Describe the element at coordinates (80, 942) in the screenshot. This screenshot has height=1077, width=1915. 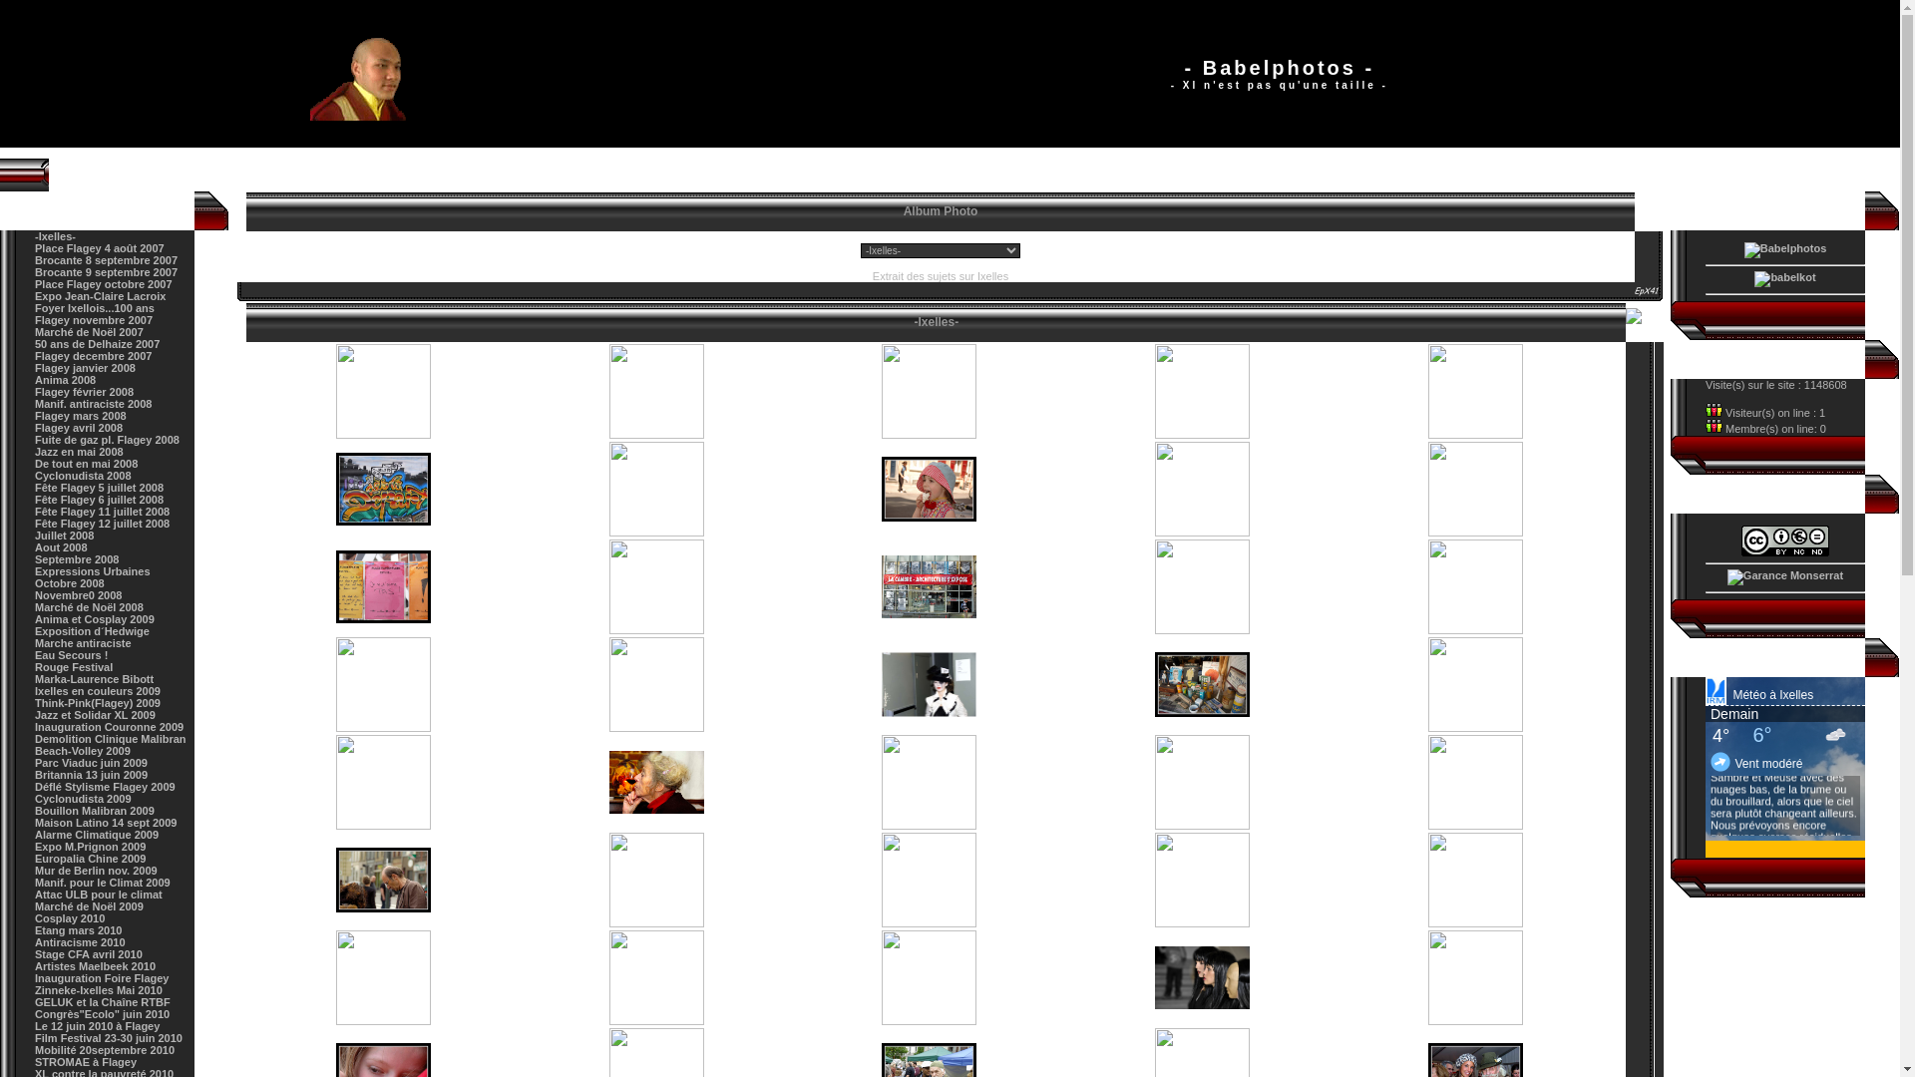
I see `'Antiracisme 2010'` at that location.